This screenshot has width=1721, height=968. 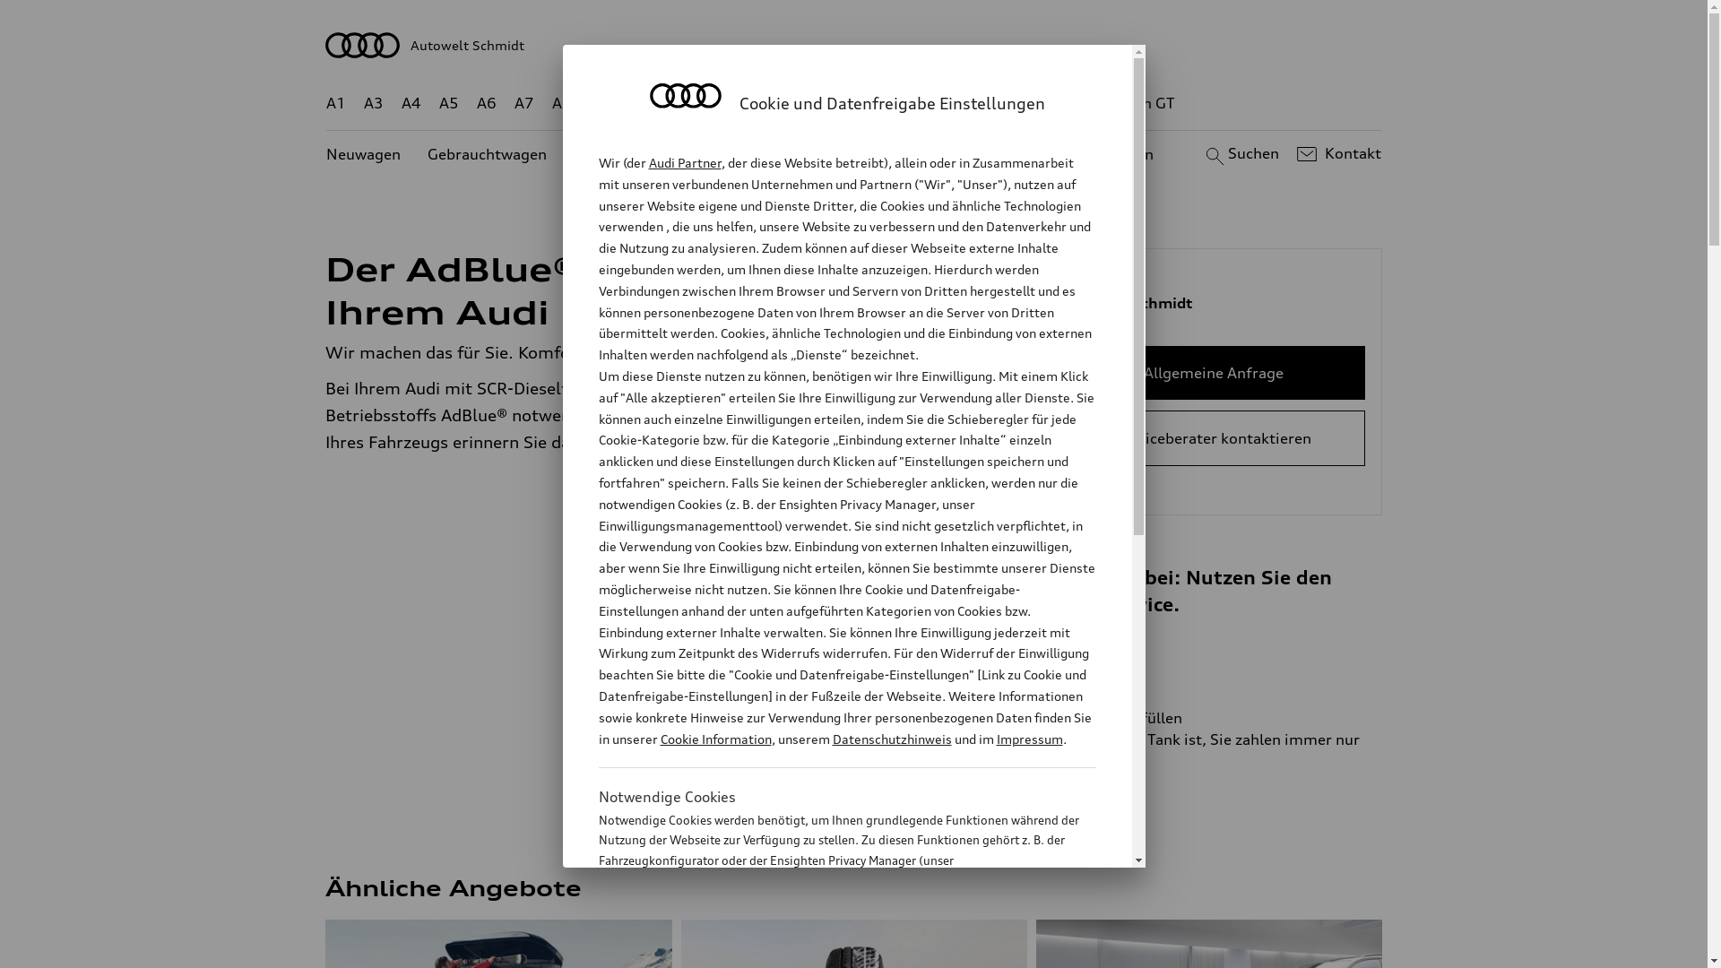 I want to click on 'Neuwagen', so click(x=326, y=153).